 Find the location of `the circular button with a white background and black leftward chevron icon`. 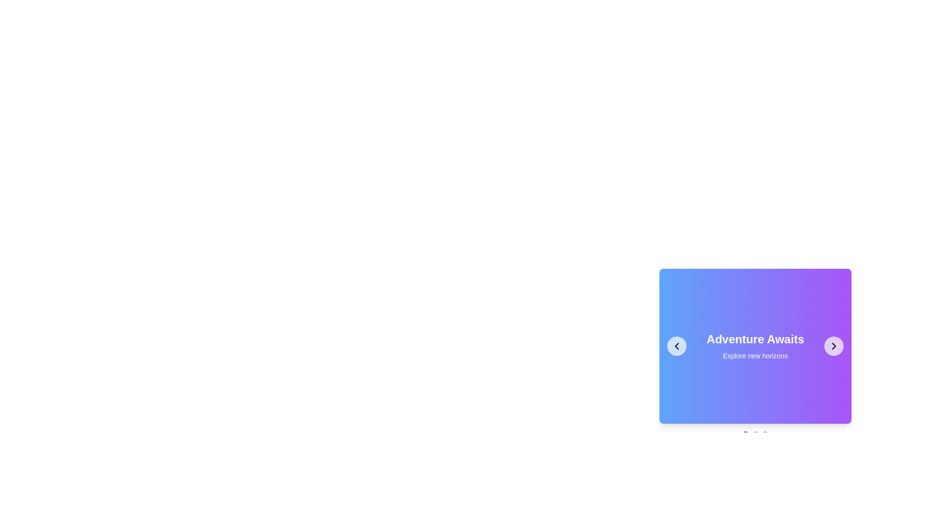

the circular button with a white background and black leftward chevron icon is located at coordinates (676, 345).